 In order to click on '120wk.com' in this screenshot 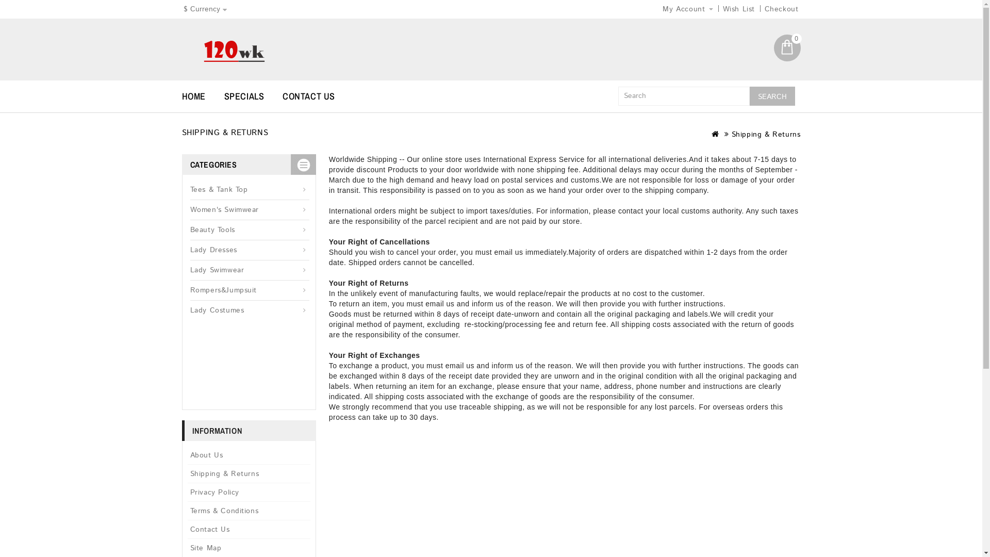, I will do `click(233, 51)`.